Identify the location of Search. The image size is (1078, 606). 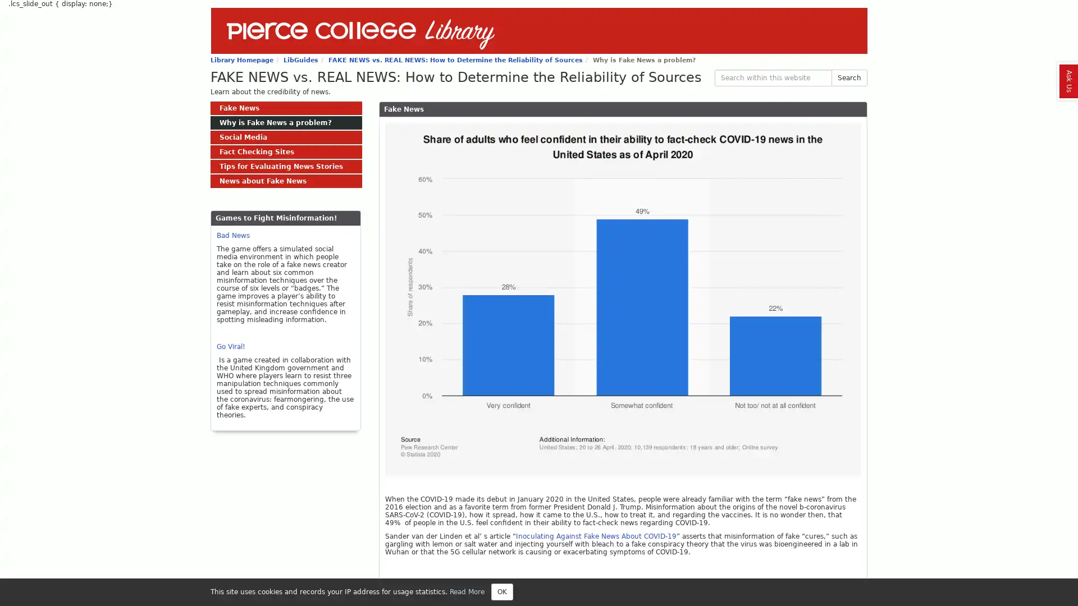
(849, 77).